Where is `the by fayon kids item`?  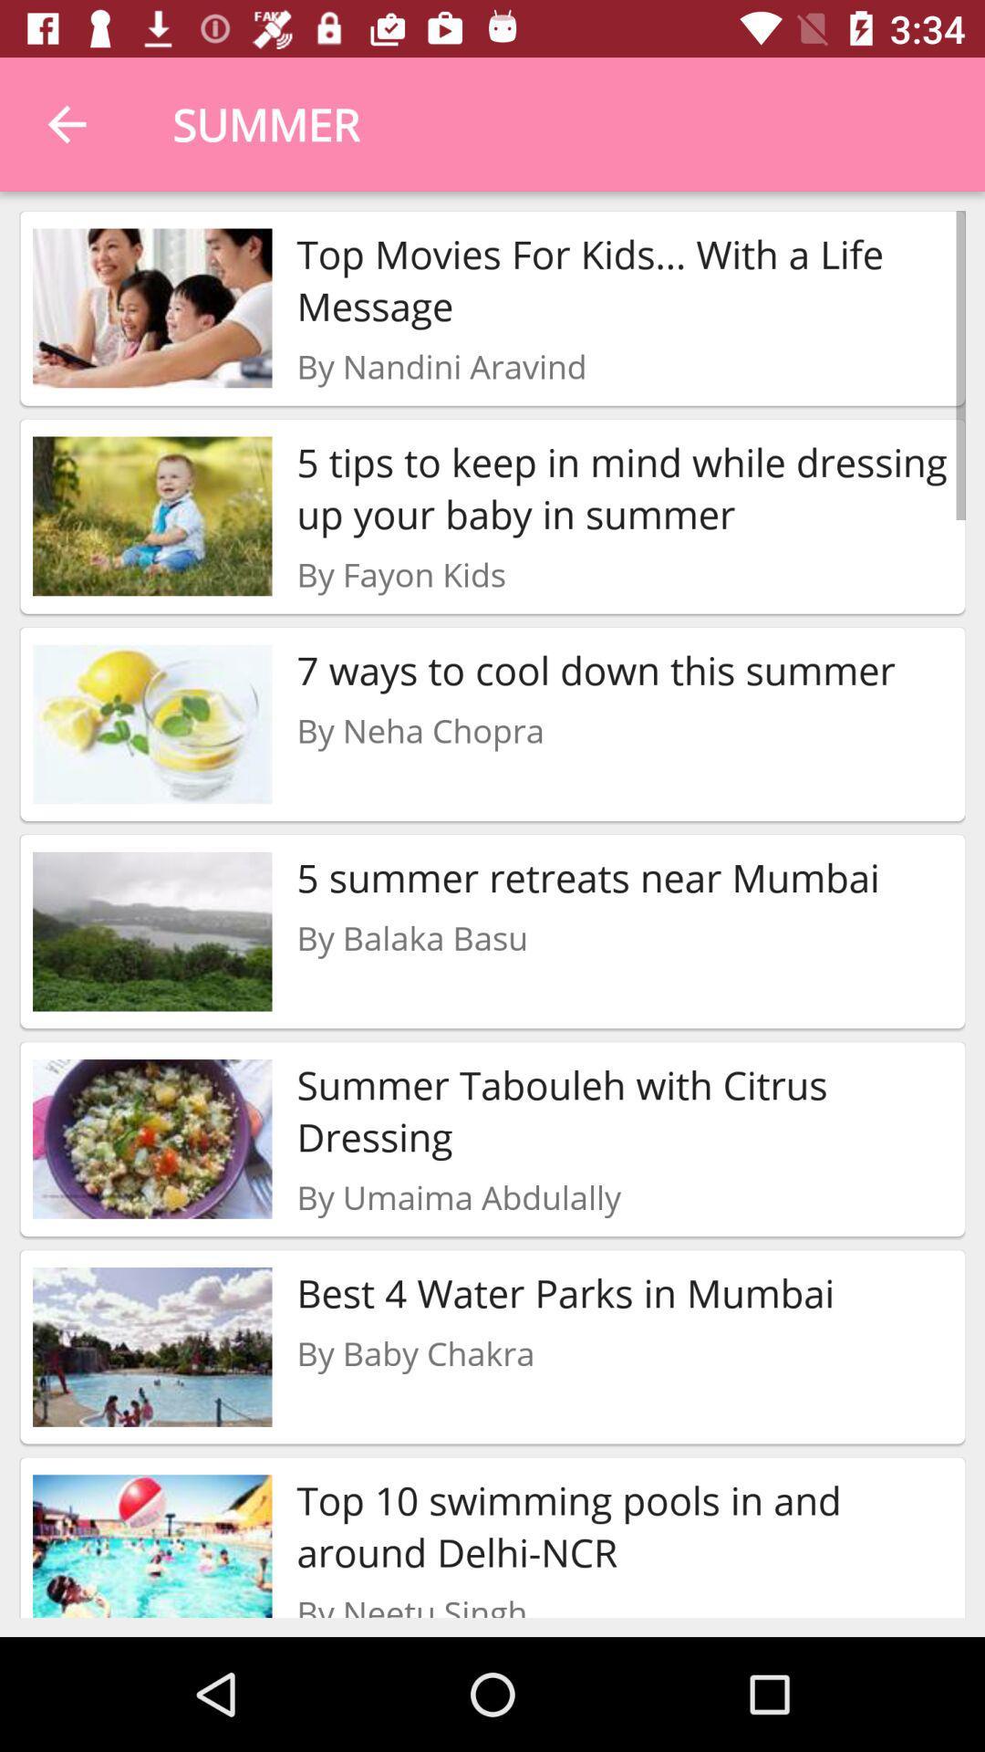 the by fayon kids item is located at coordinates (400, 573).